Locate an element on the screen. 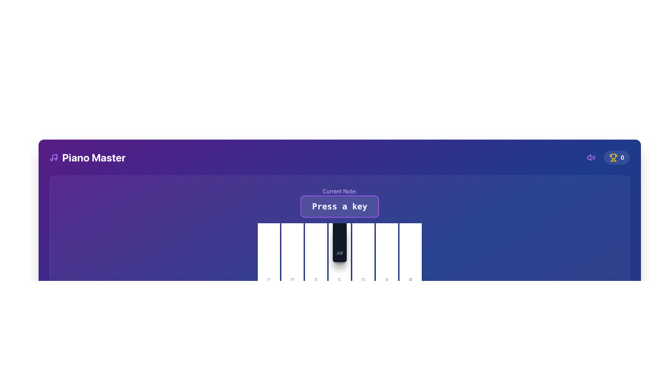  the text label displaying 'A#' in gray color located at the bottom-left position of the piano key for the musical note 'A#' is located at coordinates (340, 253).